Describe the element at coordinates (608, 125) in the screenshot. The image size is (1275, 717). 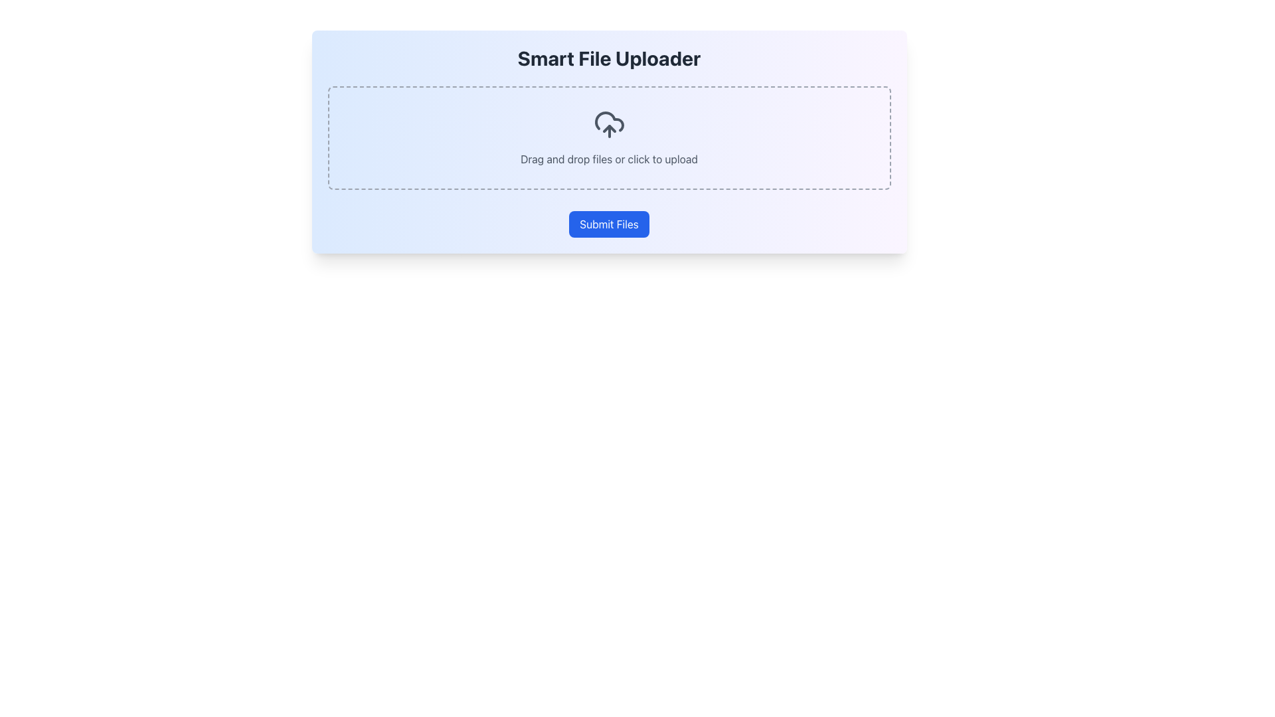
I see `the file upload icon, which is visually represented in a dashed rectangular area and located above the text 'Drag and drop files or click to upload'` at that location.